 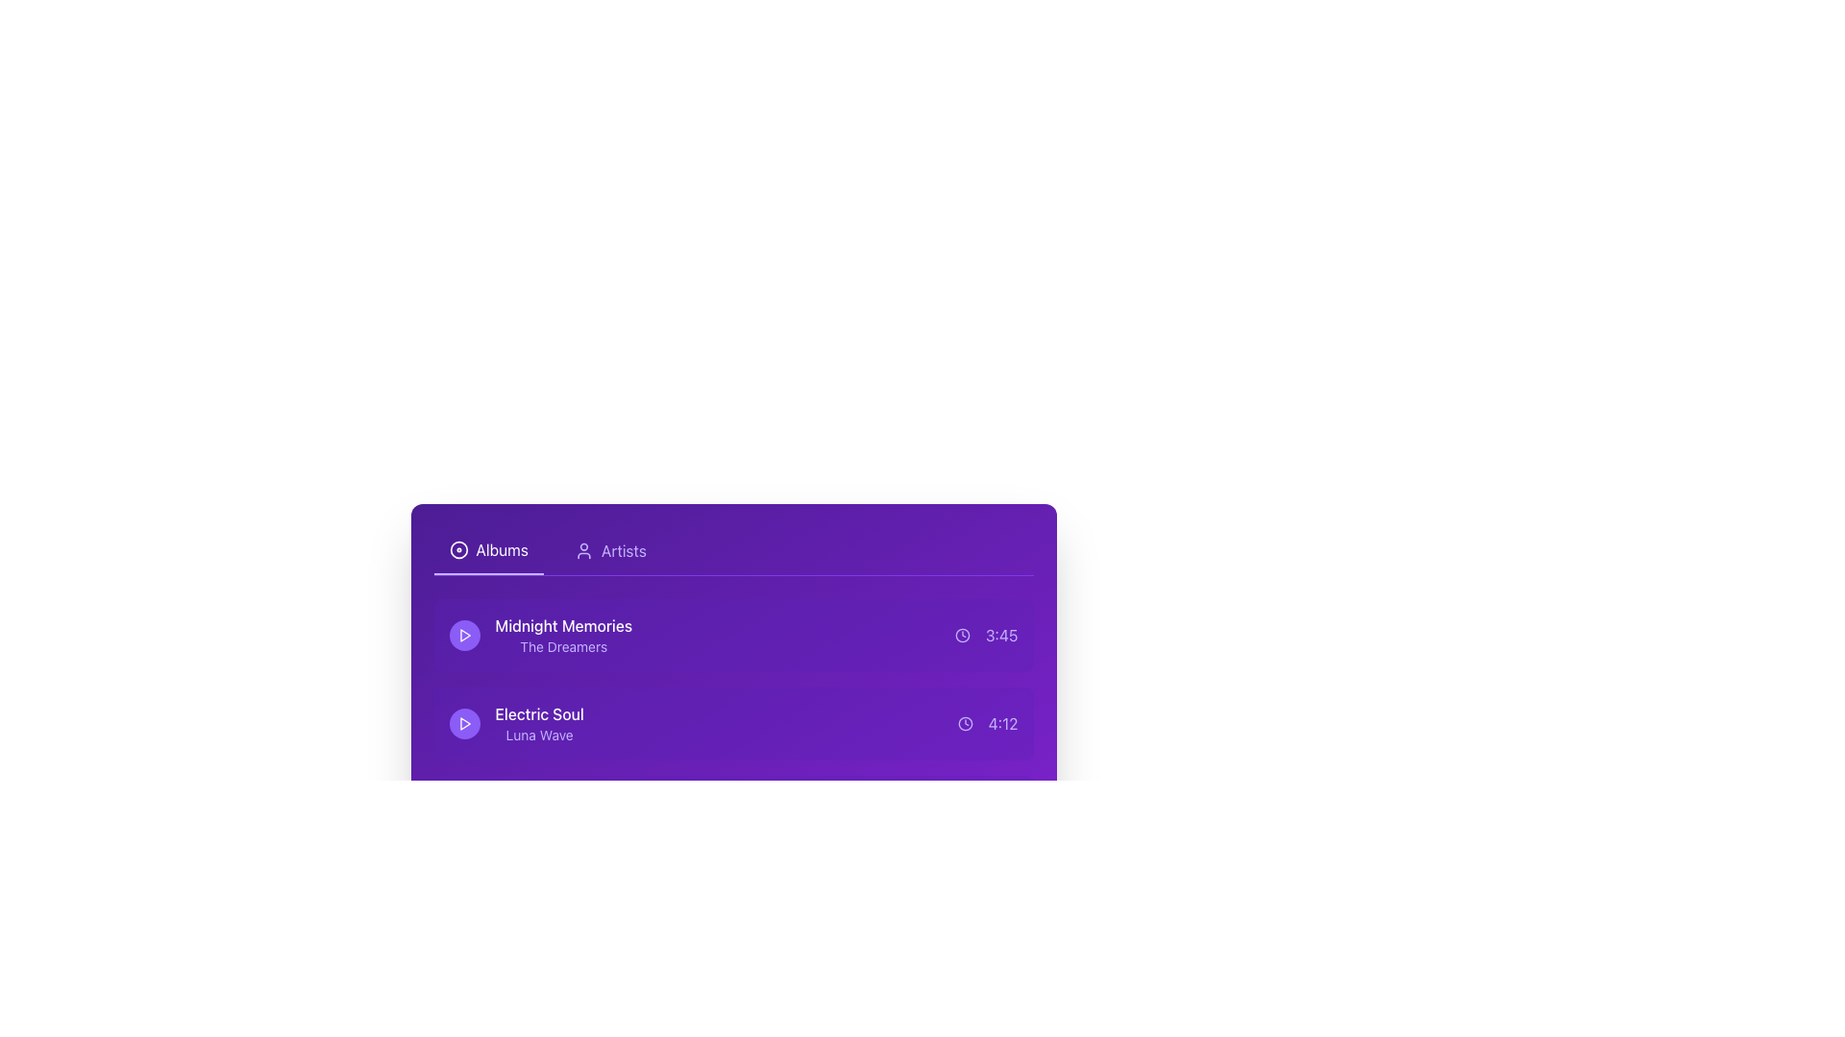 What do you see at coordinates (624, 551) in the screenshot?
I see `the 'Artists' text label located in the navigation bar, which is the second item from the left` at bounding box center [624, 551].